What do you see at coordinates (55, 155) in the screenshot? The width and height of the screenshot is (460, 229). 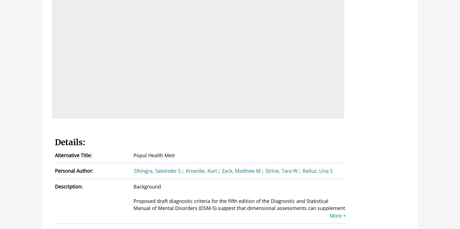 I see `'Alternative Title:'` at bounding box center [55, 155].